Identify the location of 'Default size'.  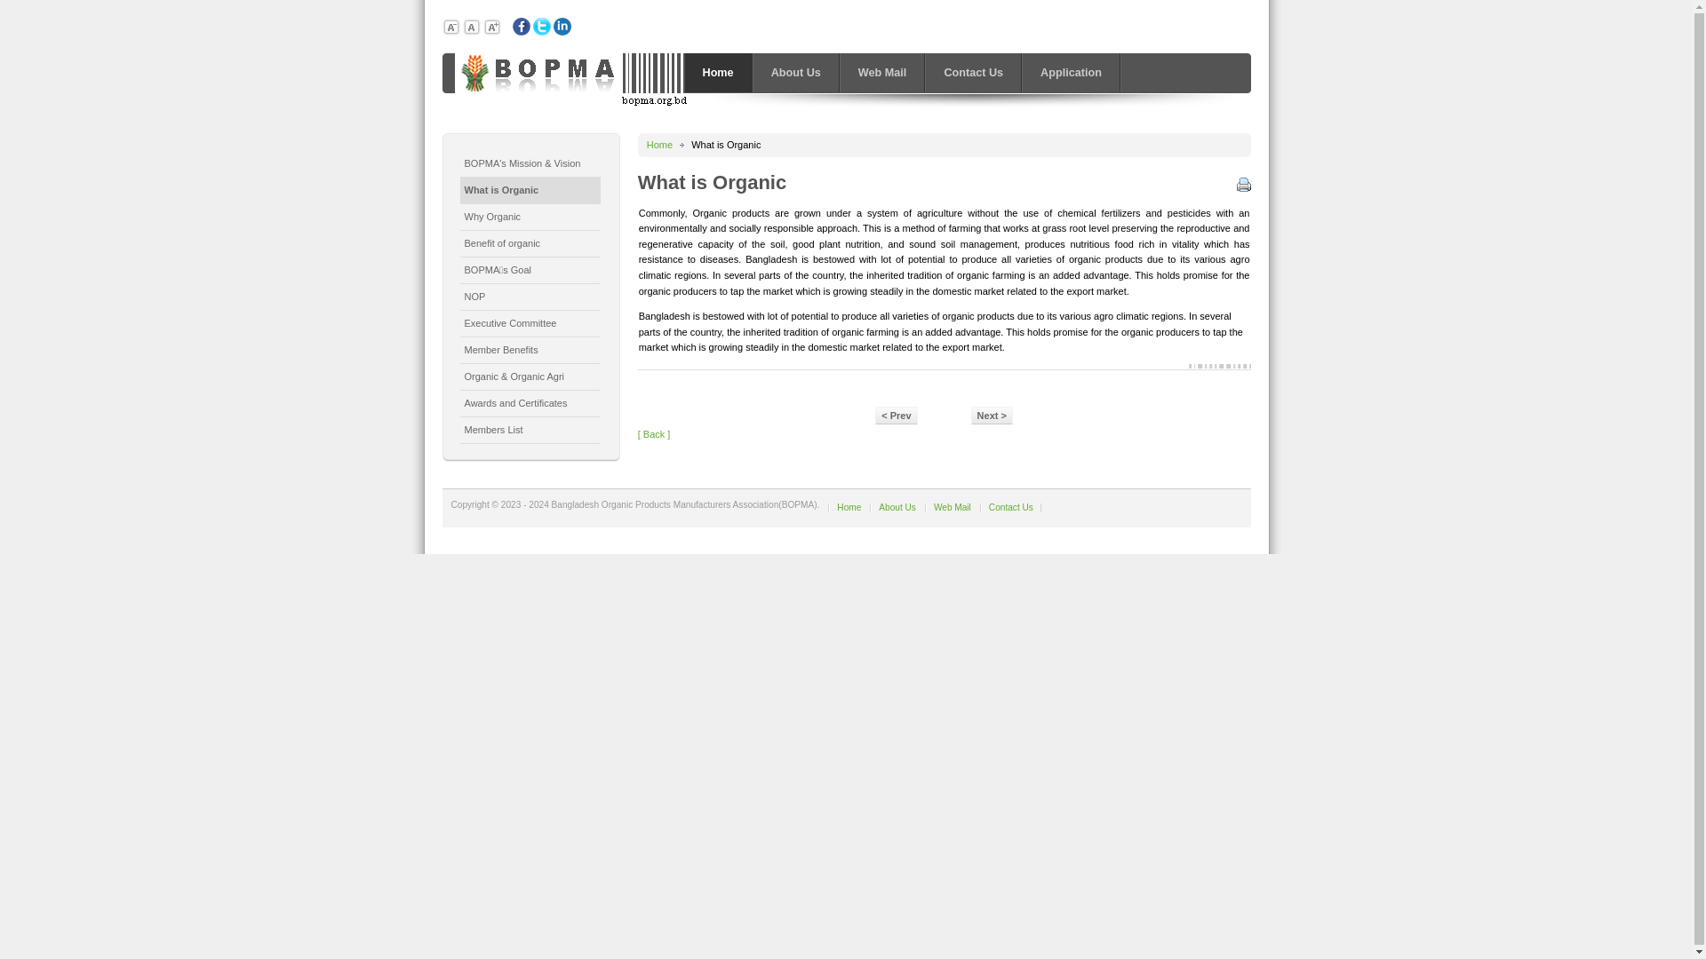
(472, 27).